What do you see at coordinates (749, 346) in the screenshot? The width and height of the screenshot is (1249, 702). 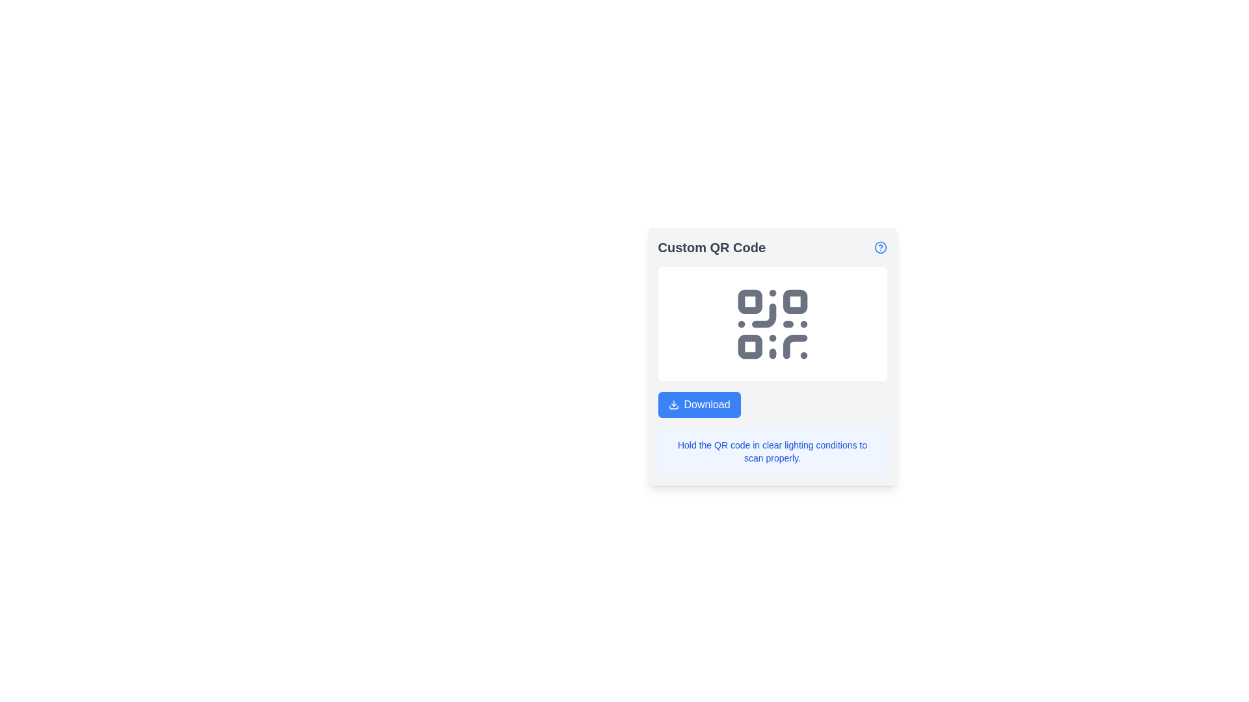 I see `the bottom-left SVG rectangle element that is part of the QR code graphic` at bounding box center [749, 346].